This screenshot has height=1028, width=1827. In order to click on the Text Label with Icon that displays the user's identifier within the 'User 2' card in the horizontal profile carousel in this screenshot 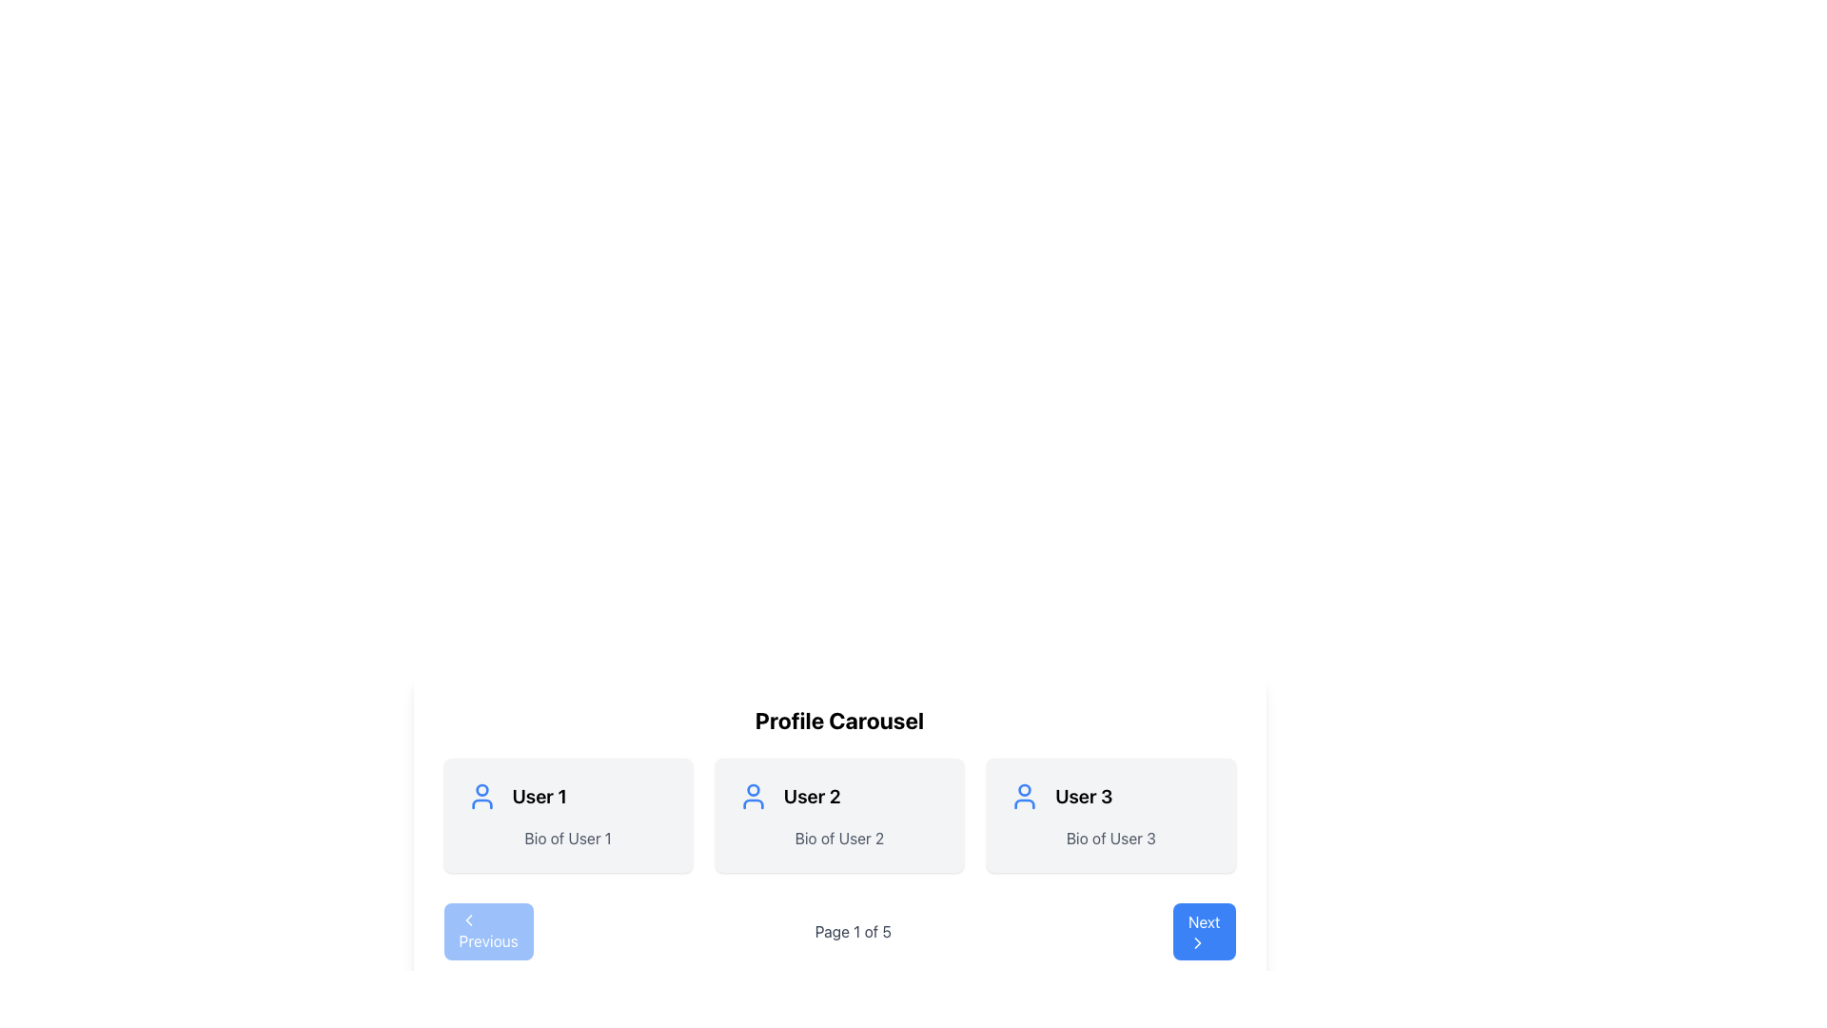, I will do `click(838, 797)`.